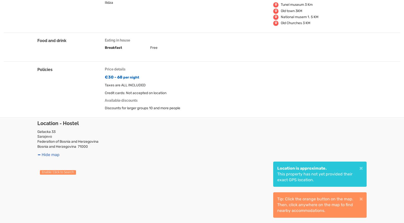  I want to click on 'Location is approximate.', so click(277, 168).